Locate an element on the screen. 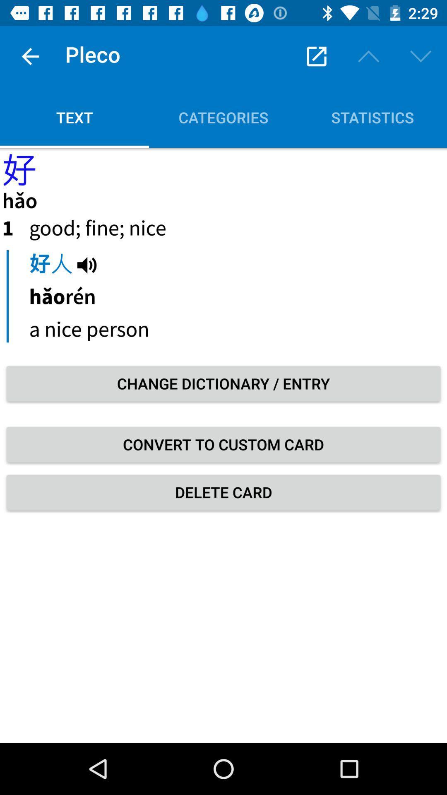  the upwards arrow icon is located at coordinates (368, 56).